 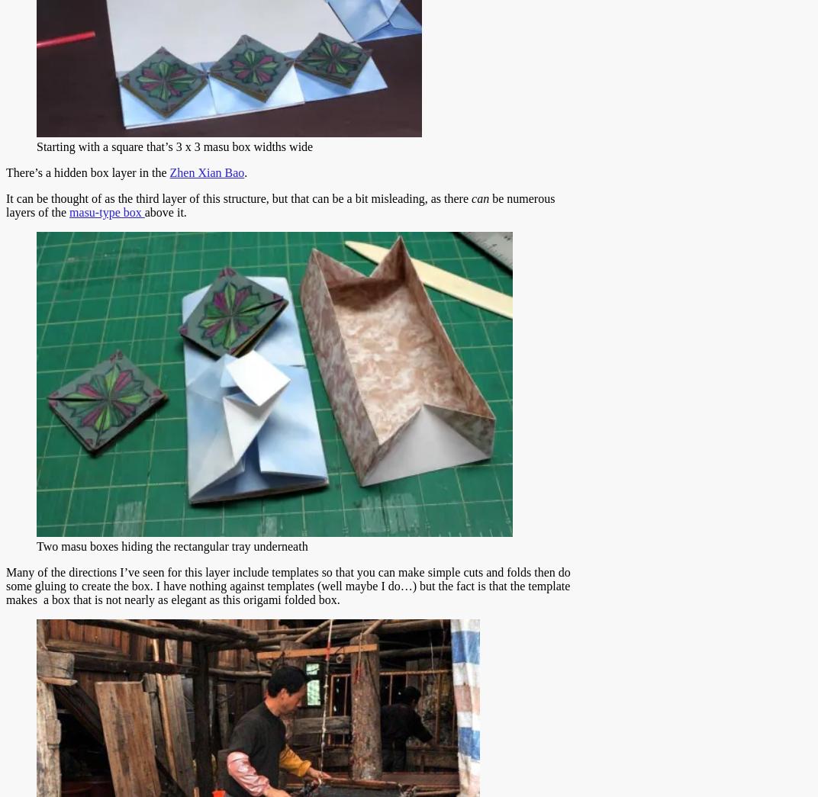 I want to click on 'Starting with a square that’s 3 x 3 masu box widths wide', so click(x=174, y=146).